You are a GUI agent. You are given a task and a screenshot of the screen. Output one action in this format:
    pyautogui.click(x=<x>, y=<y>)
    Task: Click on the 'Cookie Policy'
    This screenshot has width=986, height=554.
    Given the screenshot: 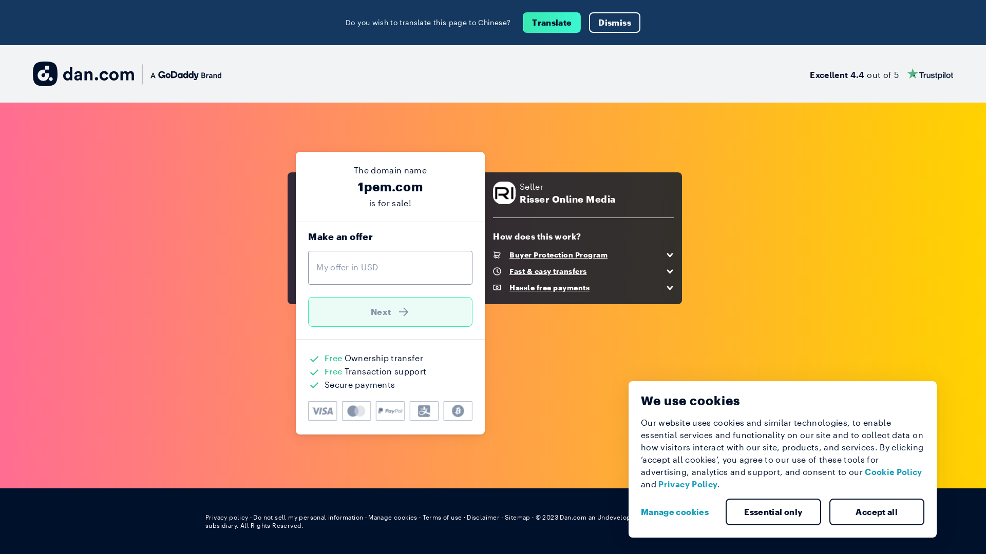 What is the action you would take?
    pyautogui.click(x=893, y=471)
    